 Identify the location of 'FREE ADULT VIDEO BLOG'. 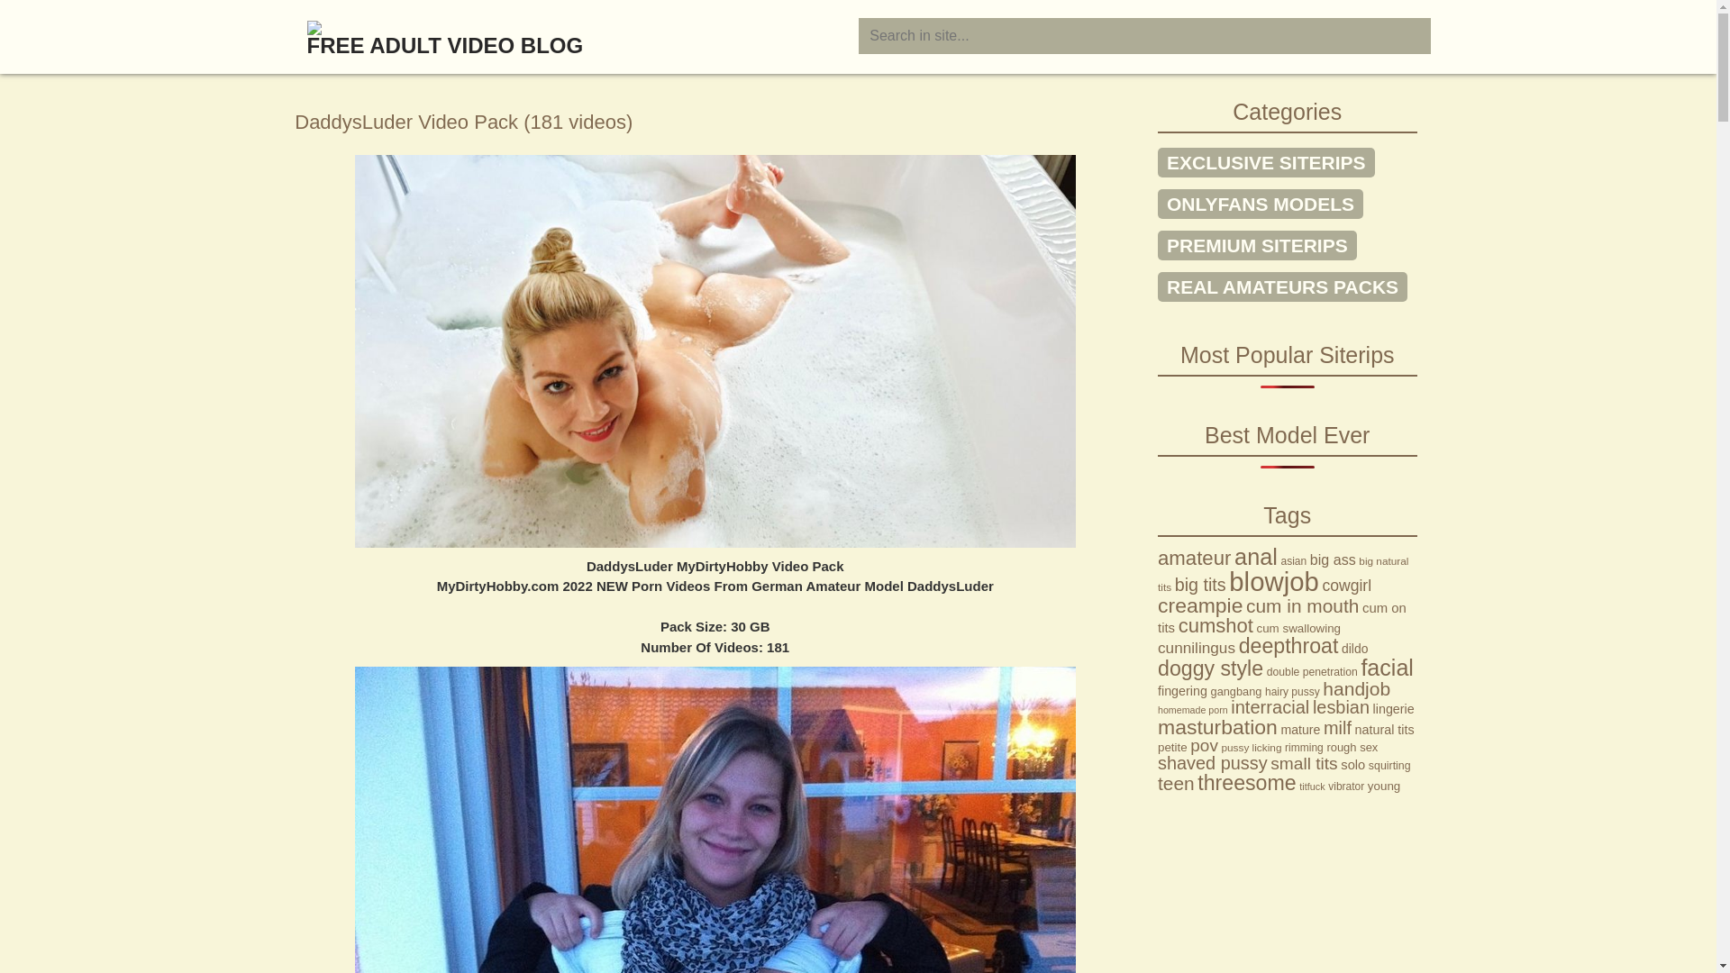
(285, 27).